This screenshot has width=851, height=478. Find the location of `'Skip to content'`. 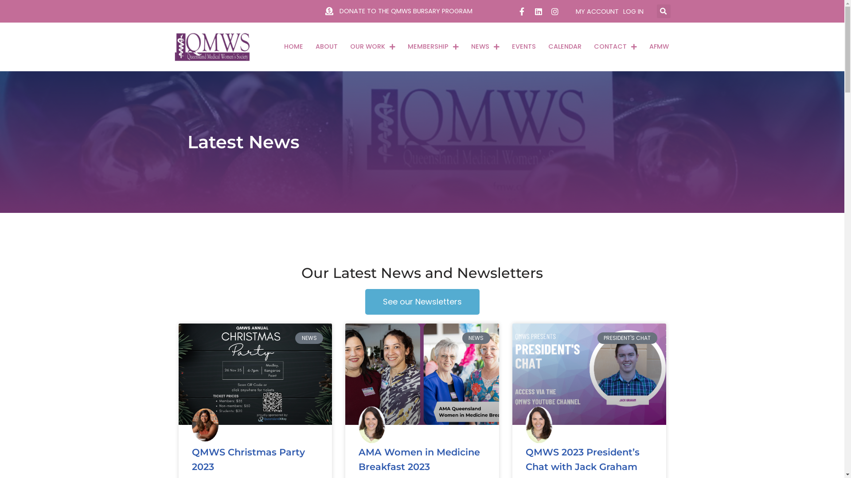

'Skip to content' is located at coordinates (0, 19).